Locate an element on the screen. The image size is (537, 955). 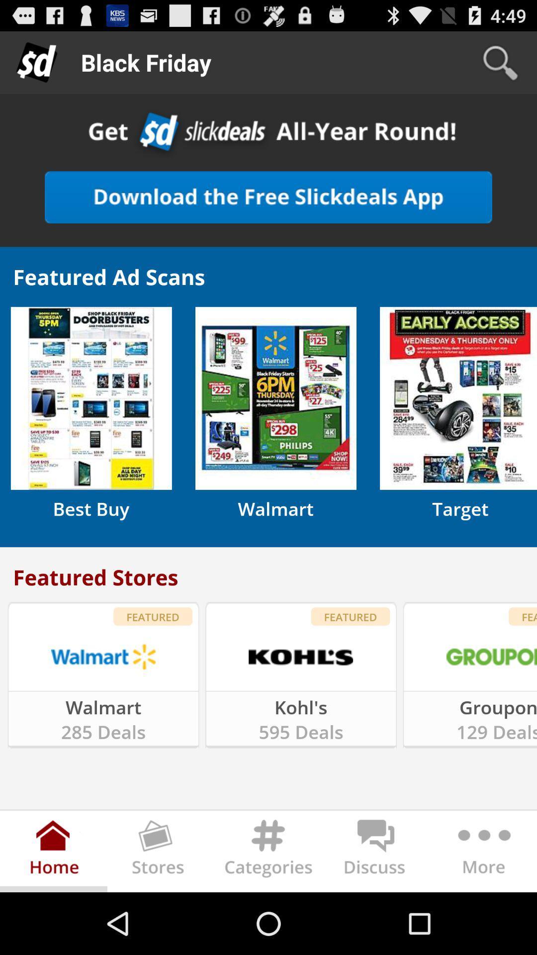
categories is located at coordinates (268, 853).